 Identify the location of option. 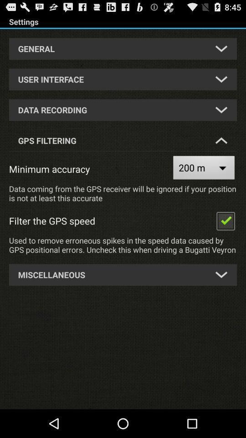
(225, 220).